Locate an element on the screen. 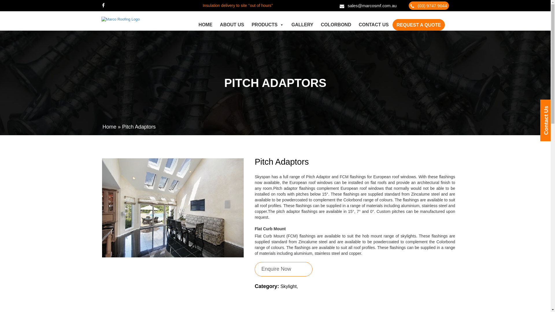  'COLORBOND' is located at coordinates (336, 24).